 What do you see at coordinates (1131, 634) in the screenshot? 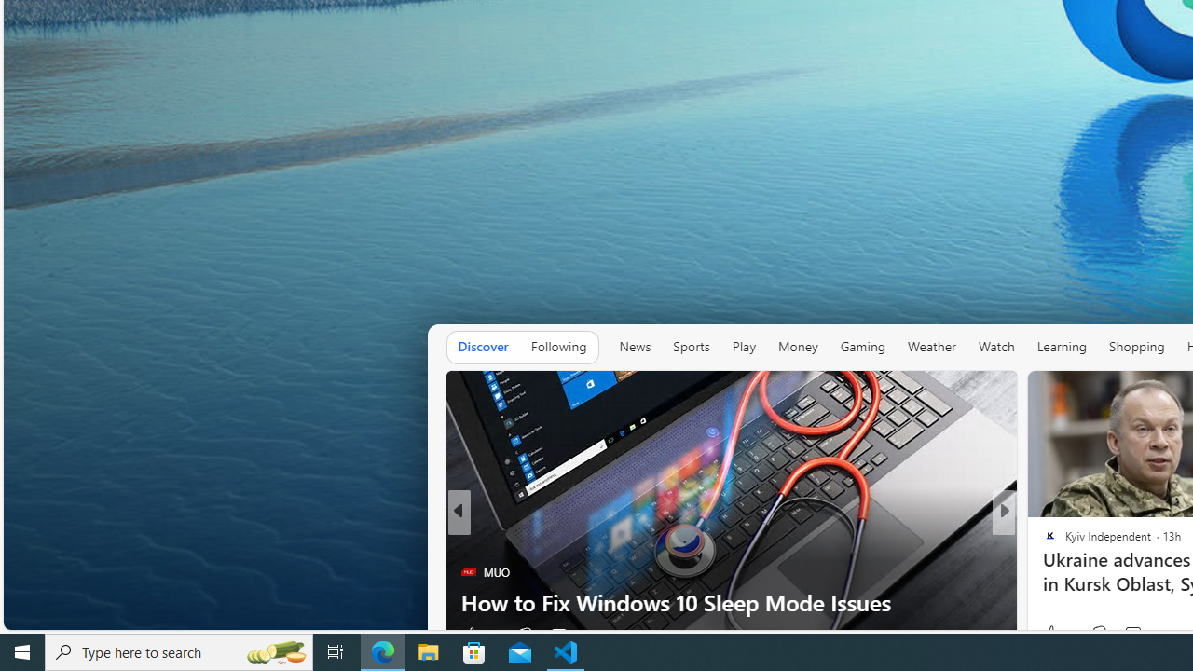
I see `'View comments 11 Comment'` at bounding box center [1131, 634].